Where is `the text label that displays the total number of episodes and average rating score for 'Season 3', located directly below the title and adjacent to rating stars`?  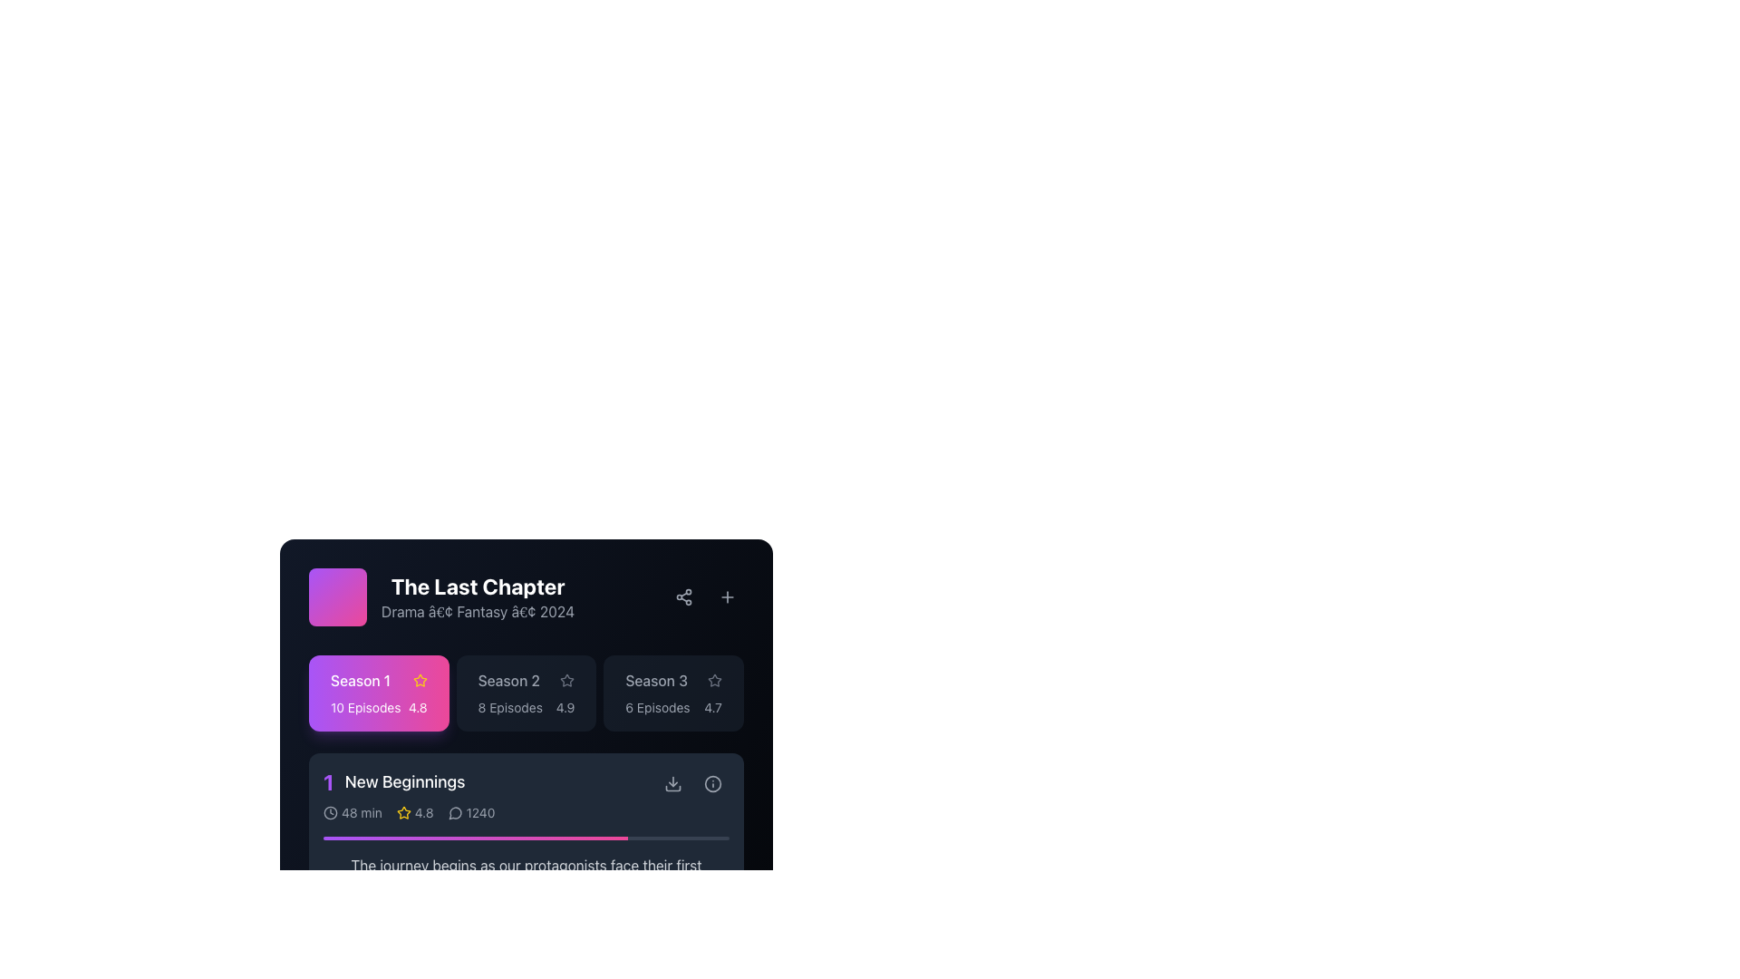
the text label that displays the total number of episodes and average rating score for 'Season 3', located directly below the title and adjacent to rating stars is located at coordinates (672, 706).